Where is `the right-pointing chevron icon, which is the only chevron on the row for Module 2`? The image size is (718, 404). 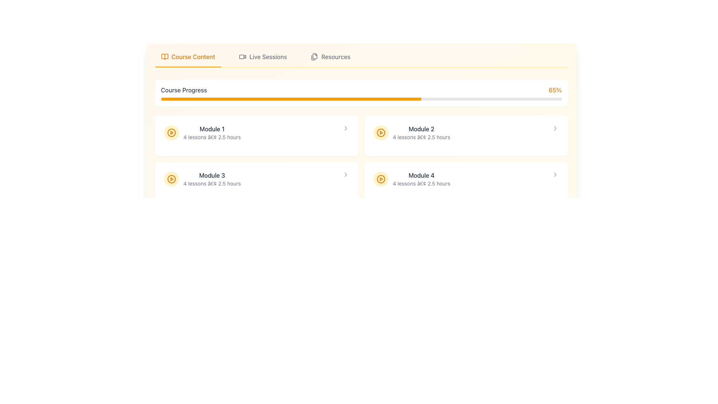 the right-pointing chevron icon, which is the only chevron on the row for Module 2 is located at coordinates (555, 128).